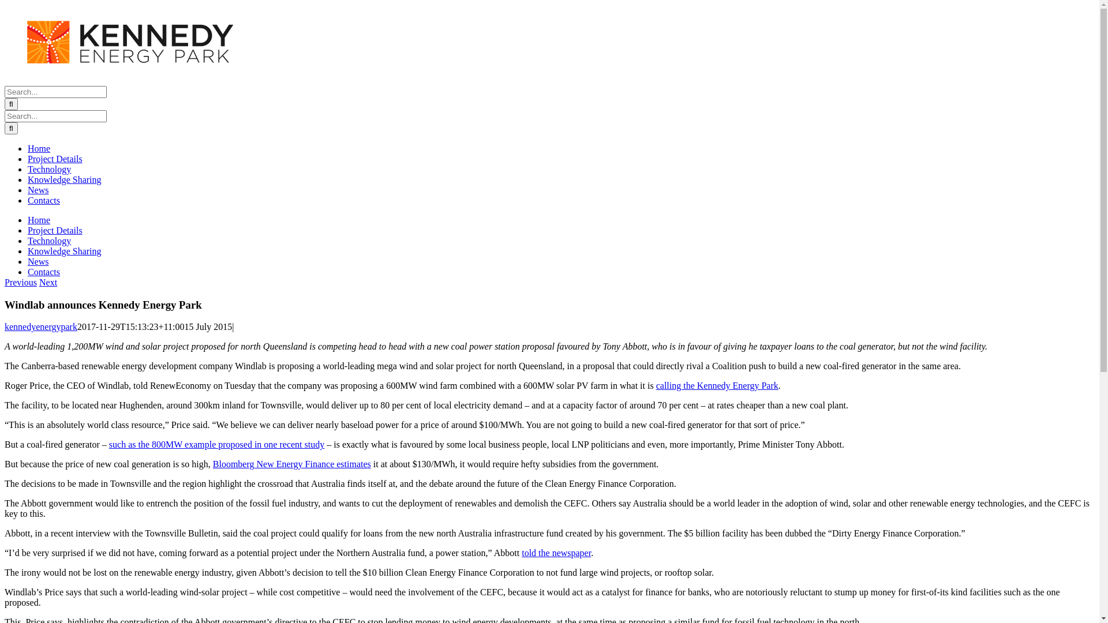 The height and width of the screenshot is (623, 1108). I want to click on 'Bloomberg New Energy Finance estimates', so click(291, 463).